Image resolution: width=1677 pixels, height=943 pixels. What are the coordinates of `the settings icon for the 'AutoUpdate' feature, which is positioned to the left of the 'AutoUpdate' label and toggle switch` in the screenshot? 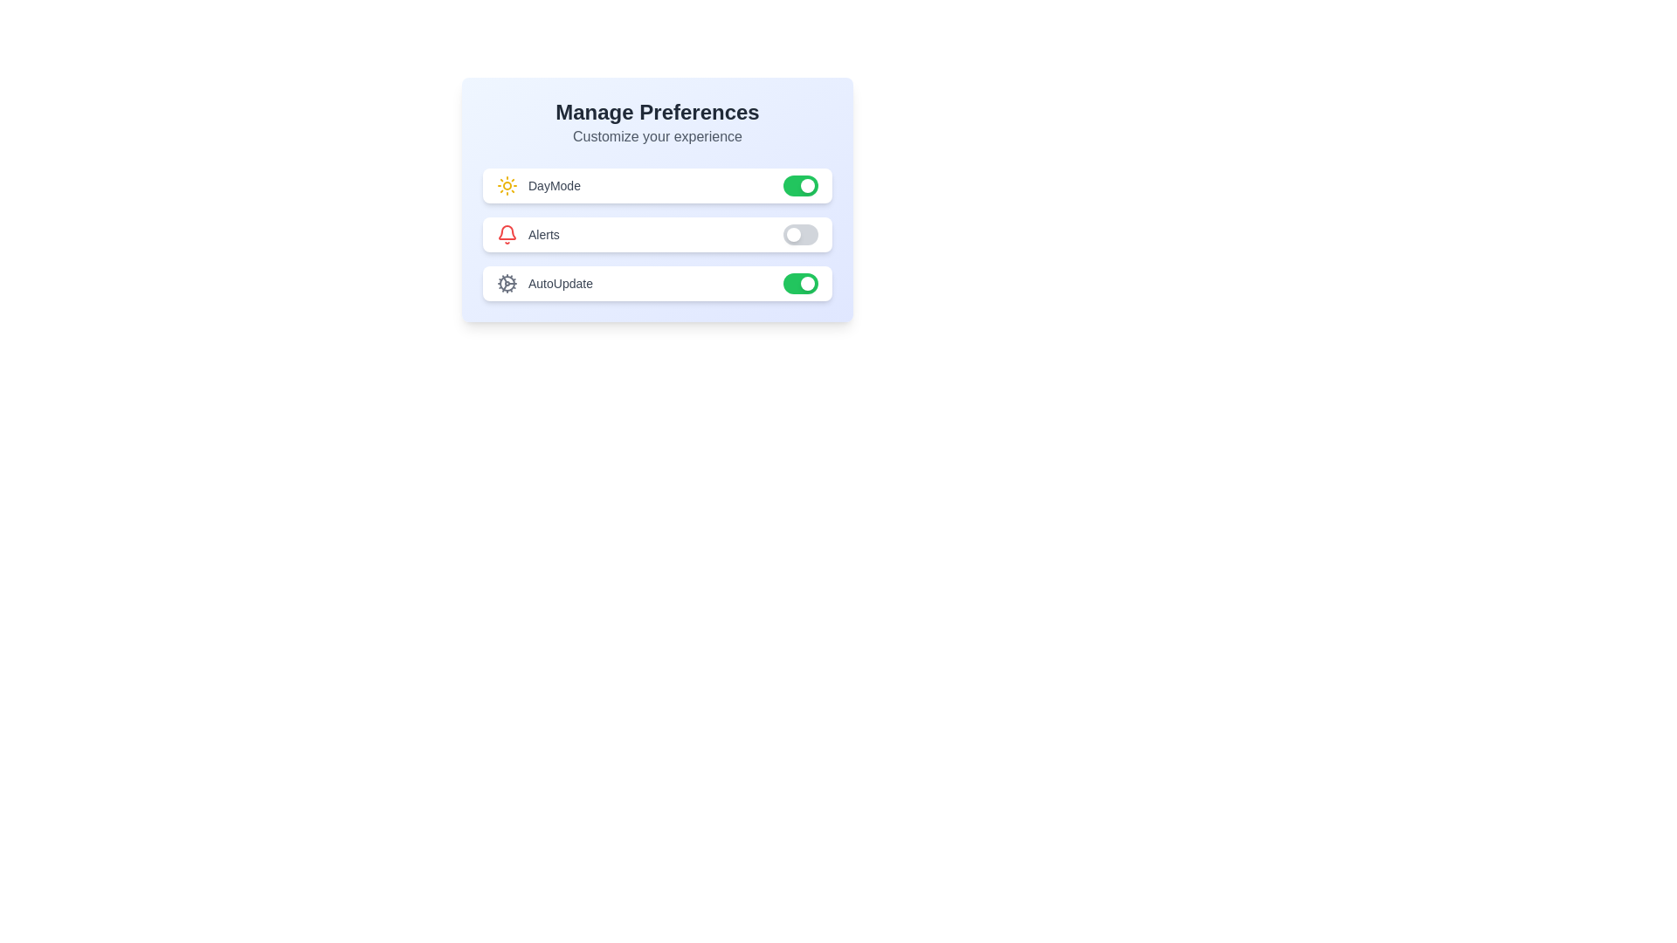 It's located at (506, 282).